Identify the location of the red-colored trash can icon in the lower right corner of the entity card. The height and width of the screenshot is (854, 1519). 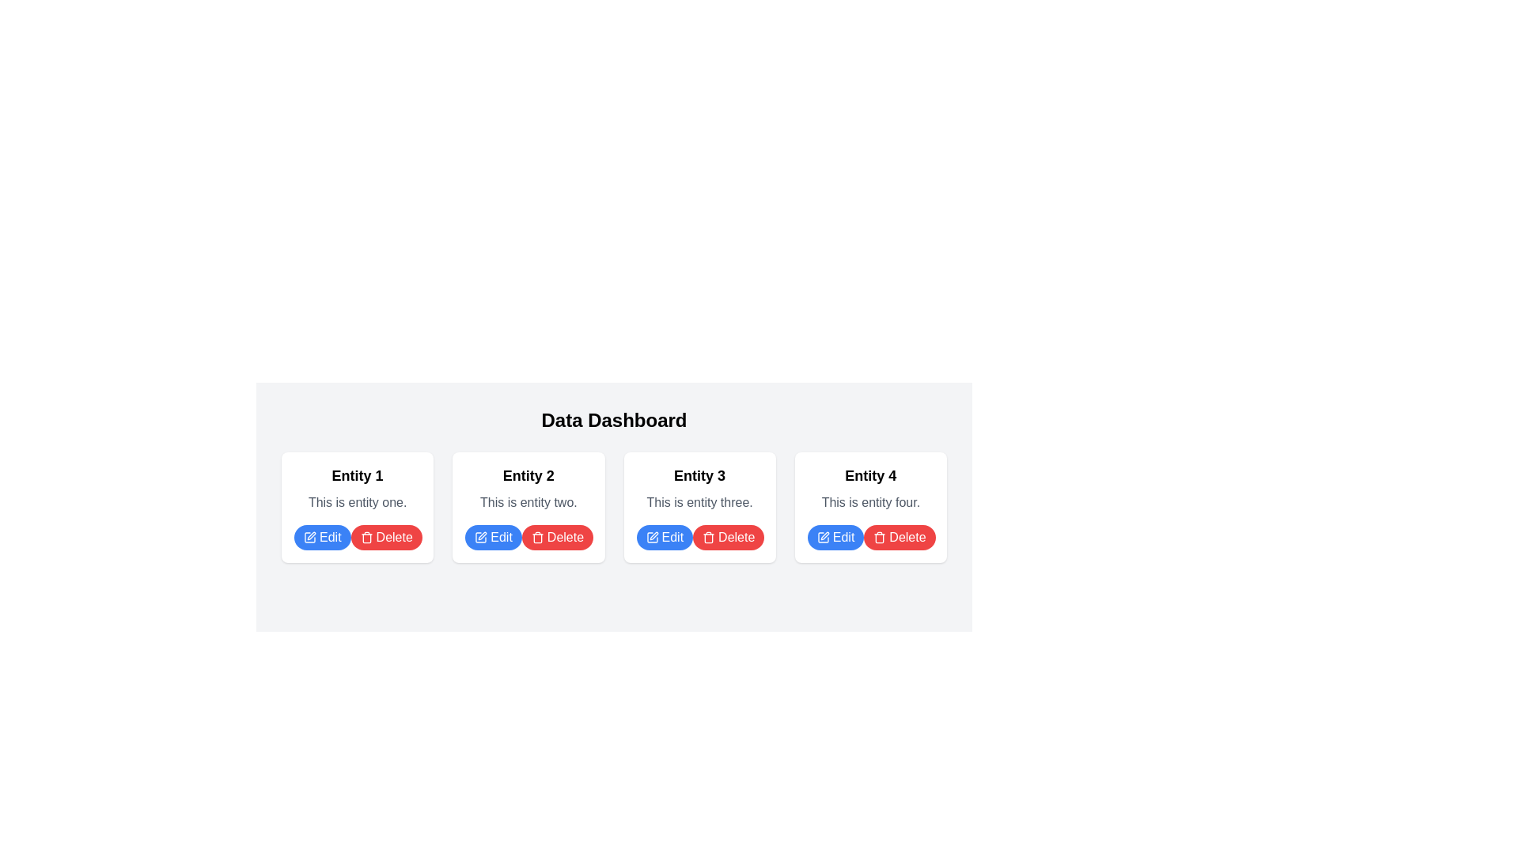
(366, 538).